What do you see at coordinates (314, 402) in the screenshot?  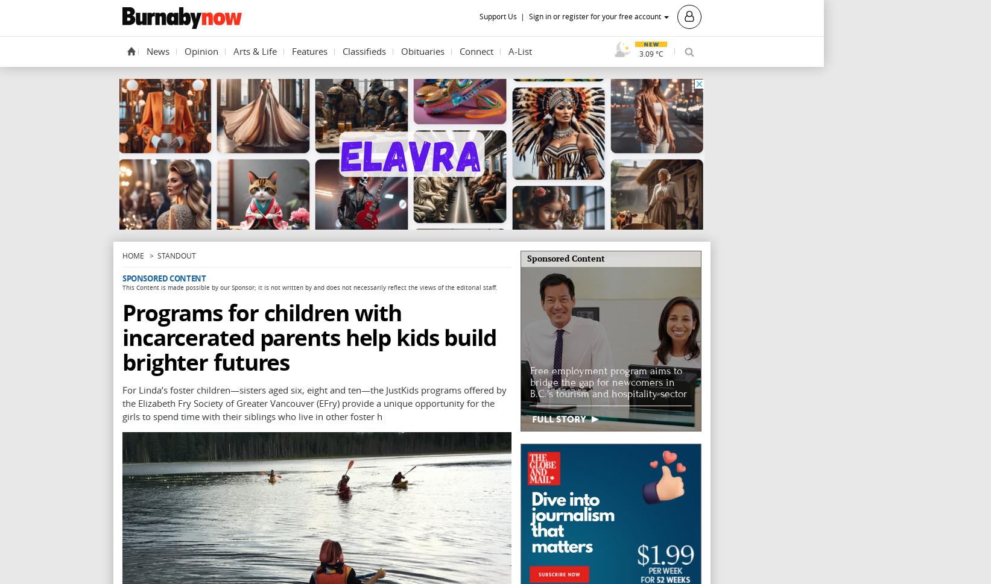 I see `'For Linda’s foster children—sisters aged six, eight and ten—the JustKids programs offered by the Elizabeth Fry Society of Greater Vancouver (EFry) provide a unique opportunity for the girls to spend time with their siblings who live in other foster h'` at bounding box center [314, 402].